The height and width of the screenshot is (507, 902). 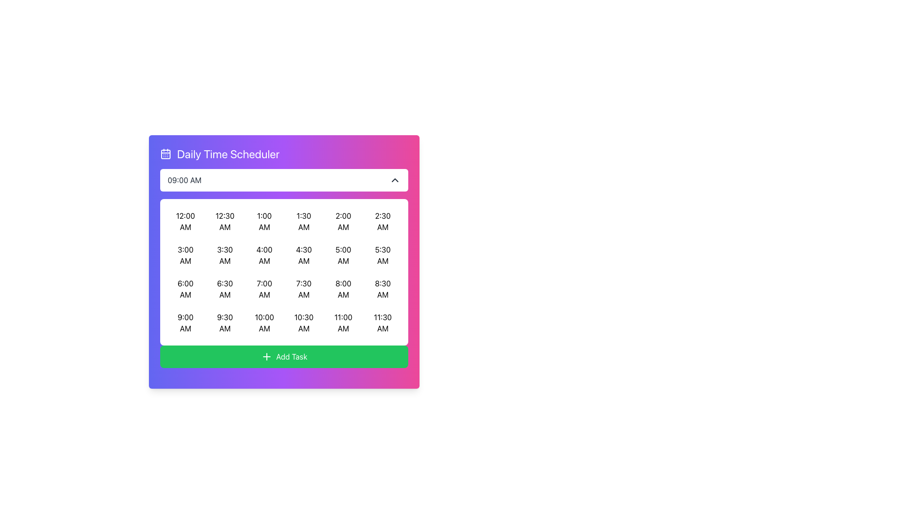 What do you see at coordinates (185, 289) in the screenshot?
I see `the 6:00 AM time slot button` at bounding box center [185, 289].